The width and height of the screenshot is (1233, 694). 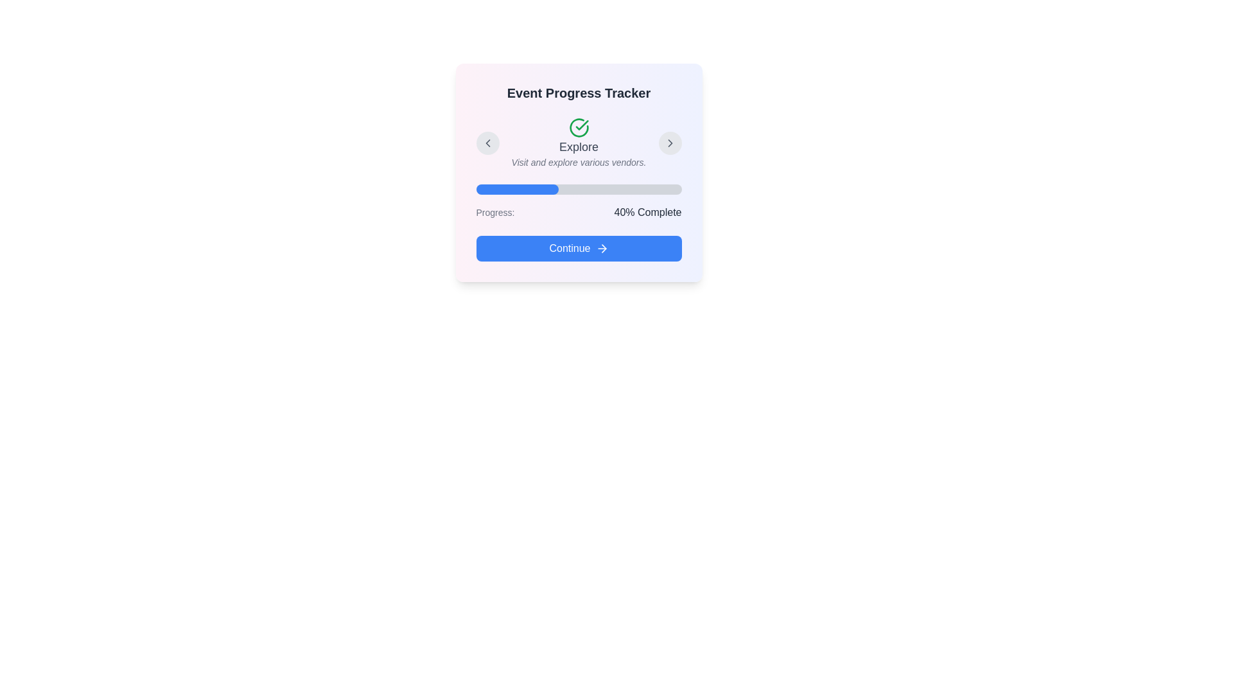 What do you see at coordinates (647, 212) in the screenshot?
I see `displayed text from the progress label indicating 40% completion, which is positioned to the right of 'Progress:' and above the 'Continue' button` at bounding box center [647, 212].